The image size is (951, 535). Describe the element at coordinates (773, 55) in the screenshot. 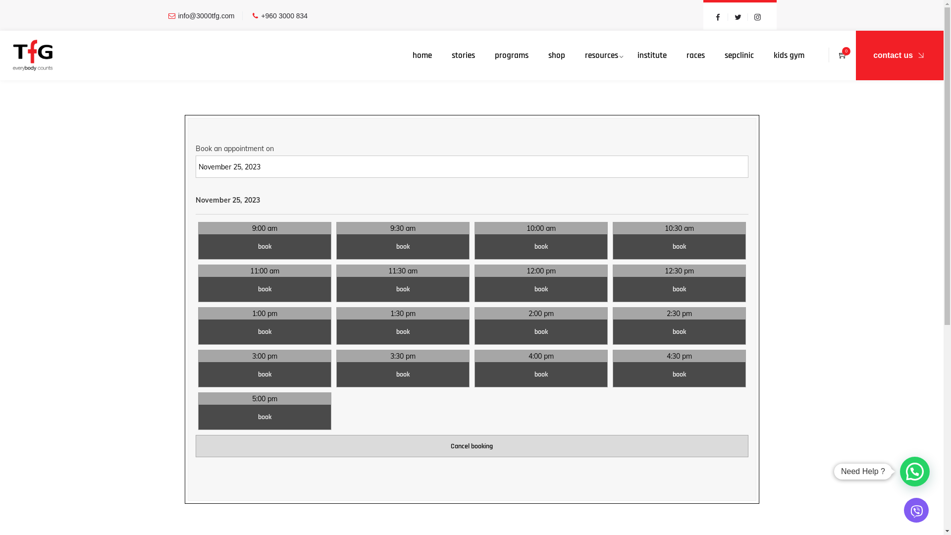

I see `'kids gym'` at that location.